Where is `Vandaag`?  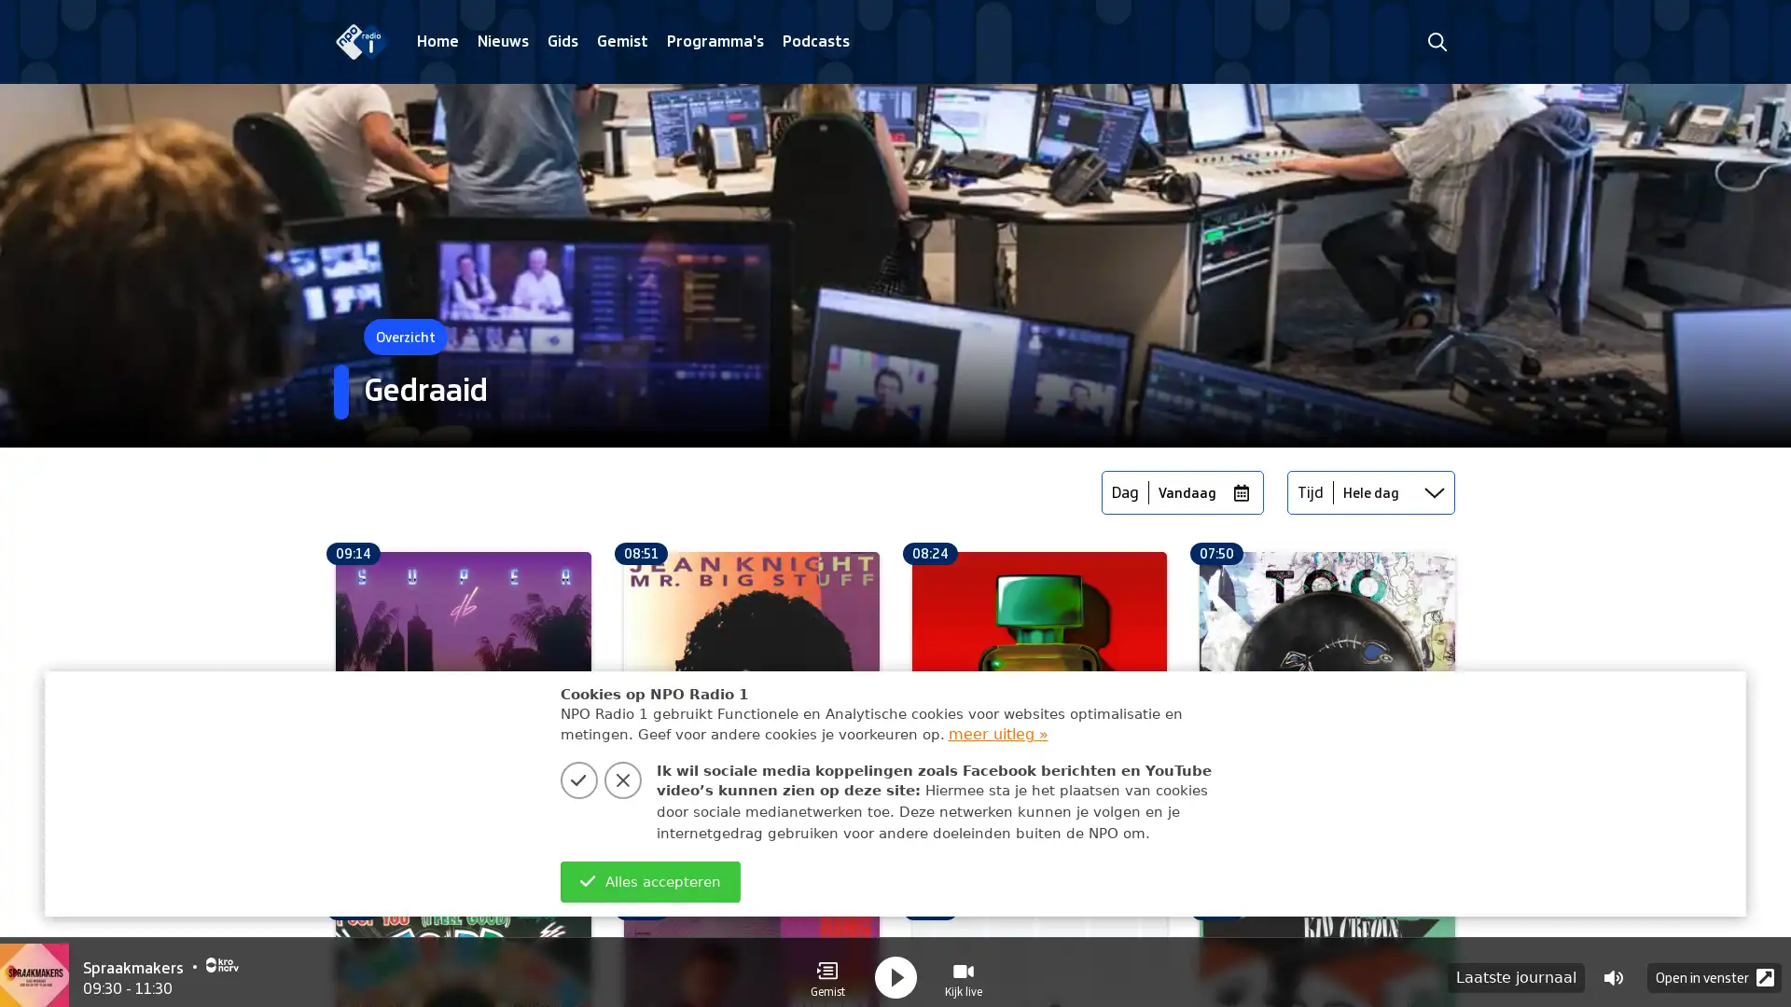
Vandaag is located at coordinates (1205, 491).